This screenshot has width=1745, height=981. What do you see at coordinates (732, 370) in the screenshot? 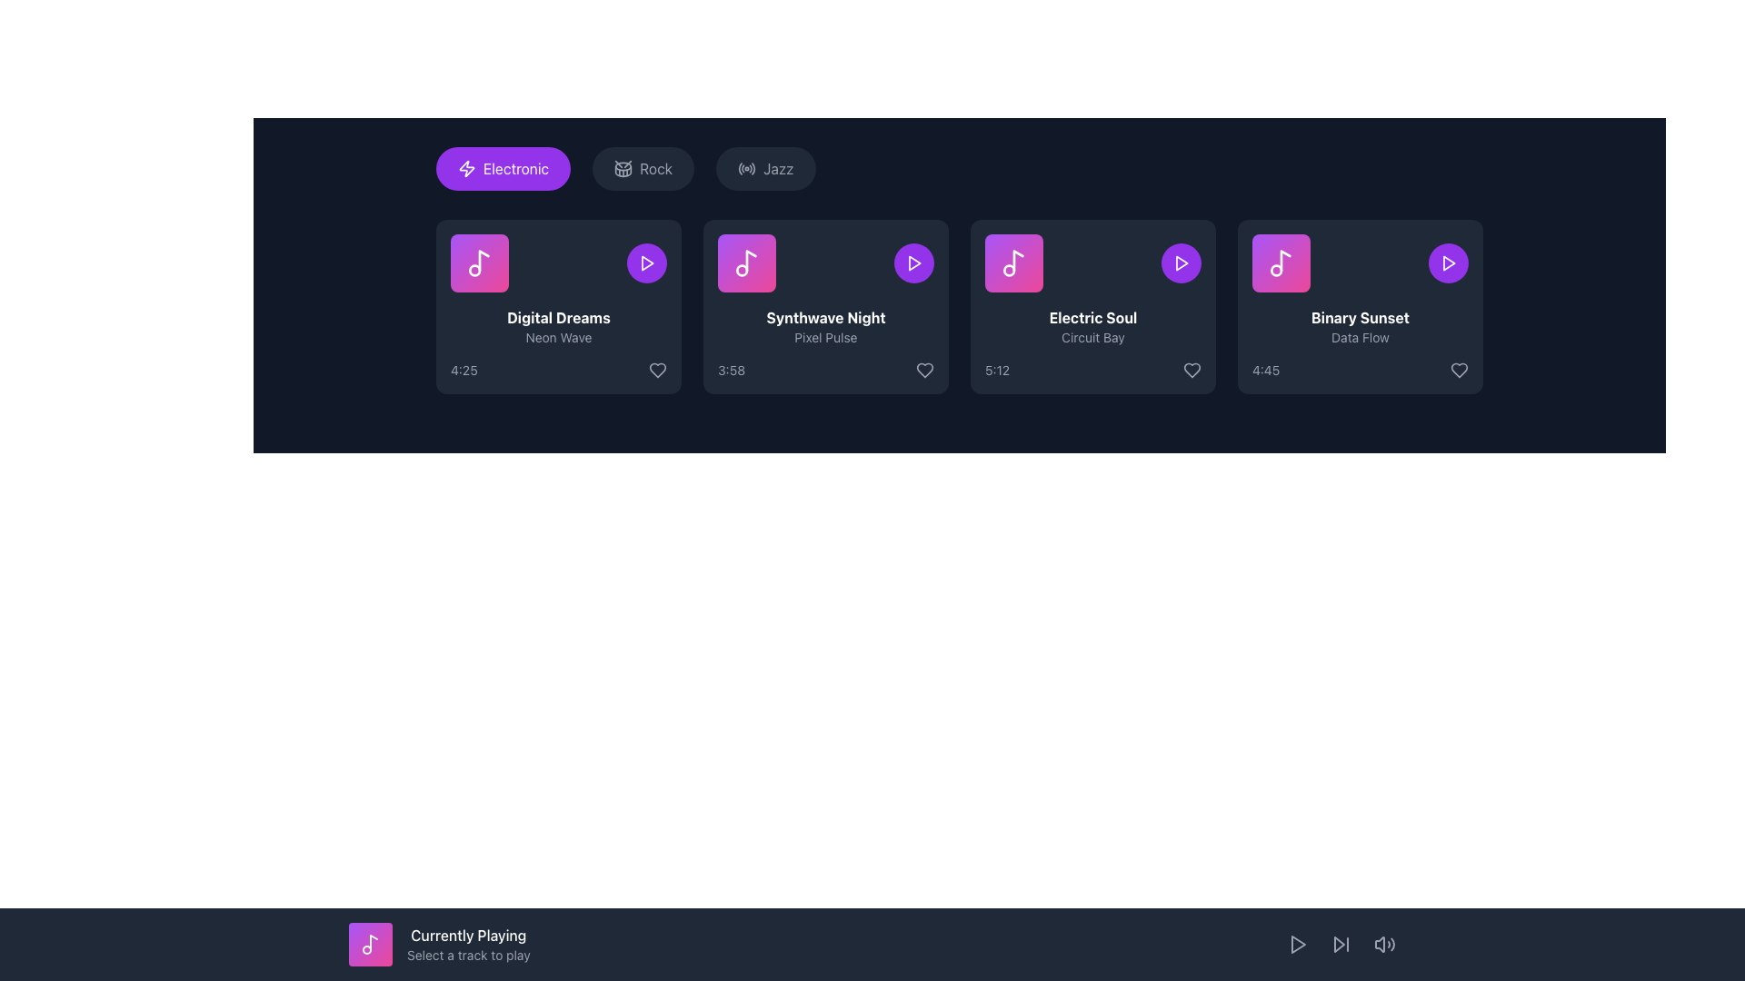
I see `the label displaying '3:58' in gray at the bottom-left corner of the second music card, which represents the duration of a song` at bounding box center [732, 370].